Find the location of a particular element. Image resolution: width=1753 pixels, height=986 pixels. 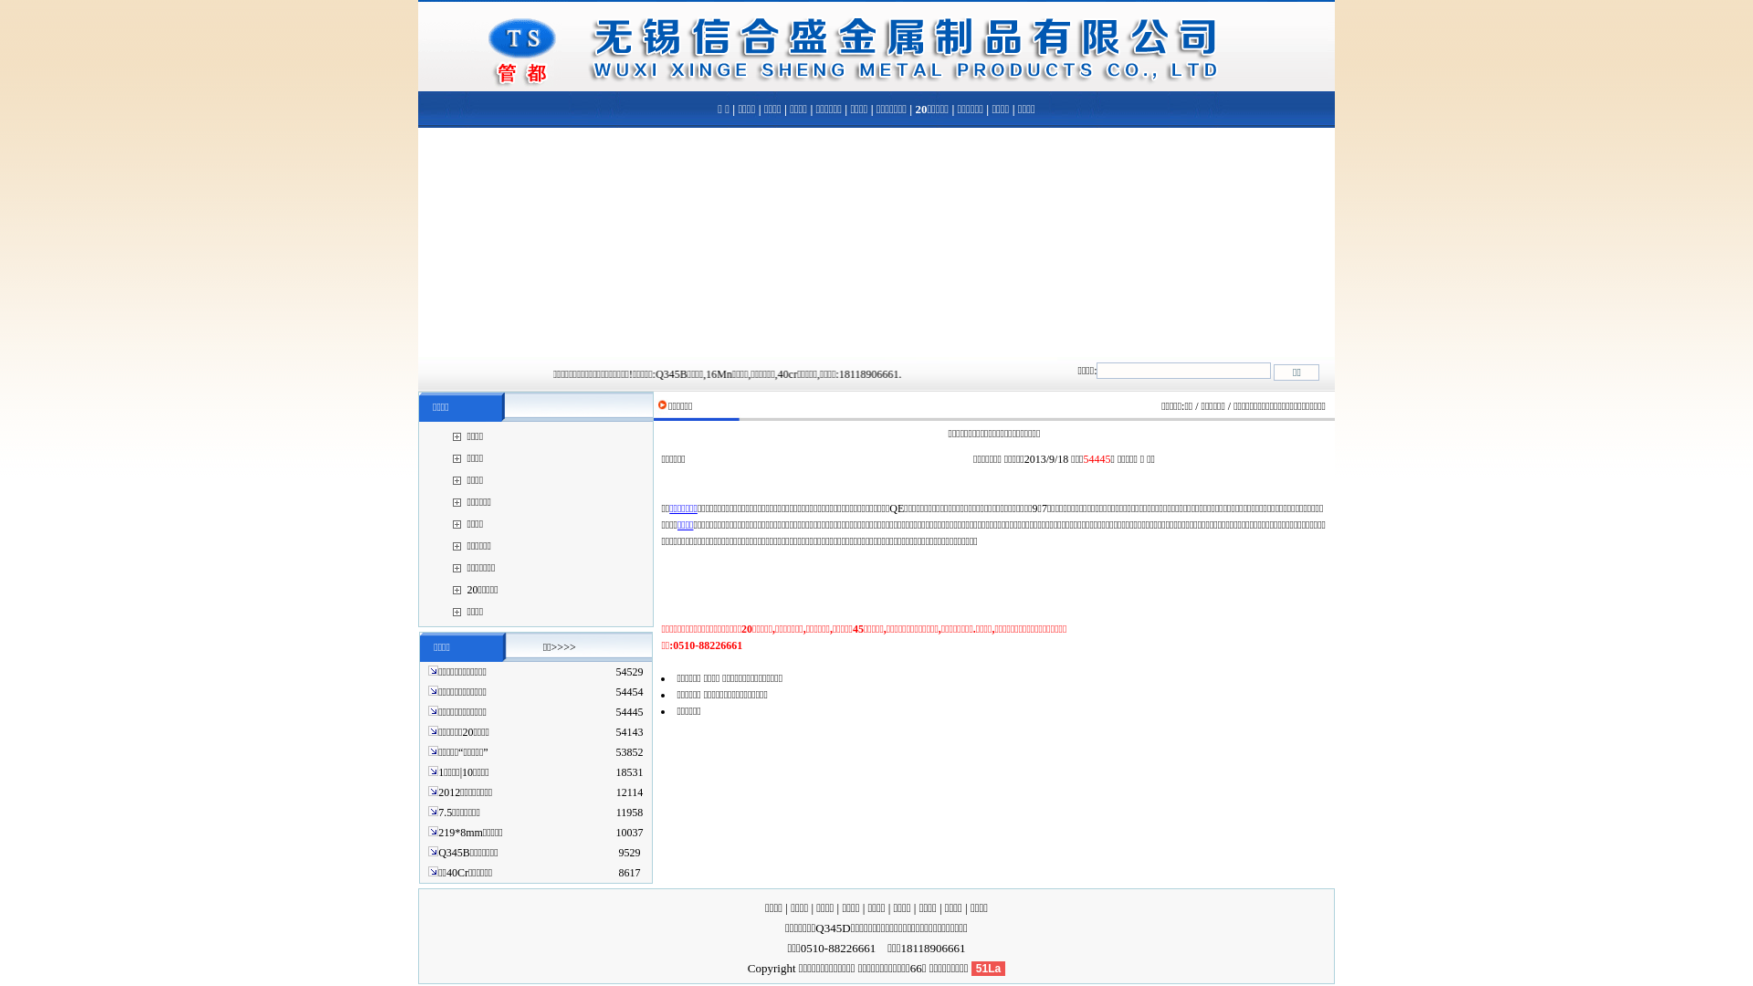

'51La' is located at coordinates (987, 967).